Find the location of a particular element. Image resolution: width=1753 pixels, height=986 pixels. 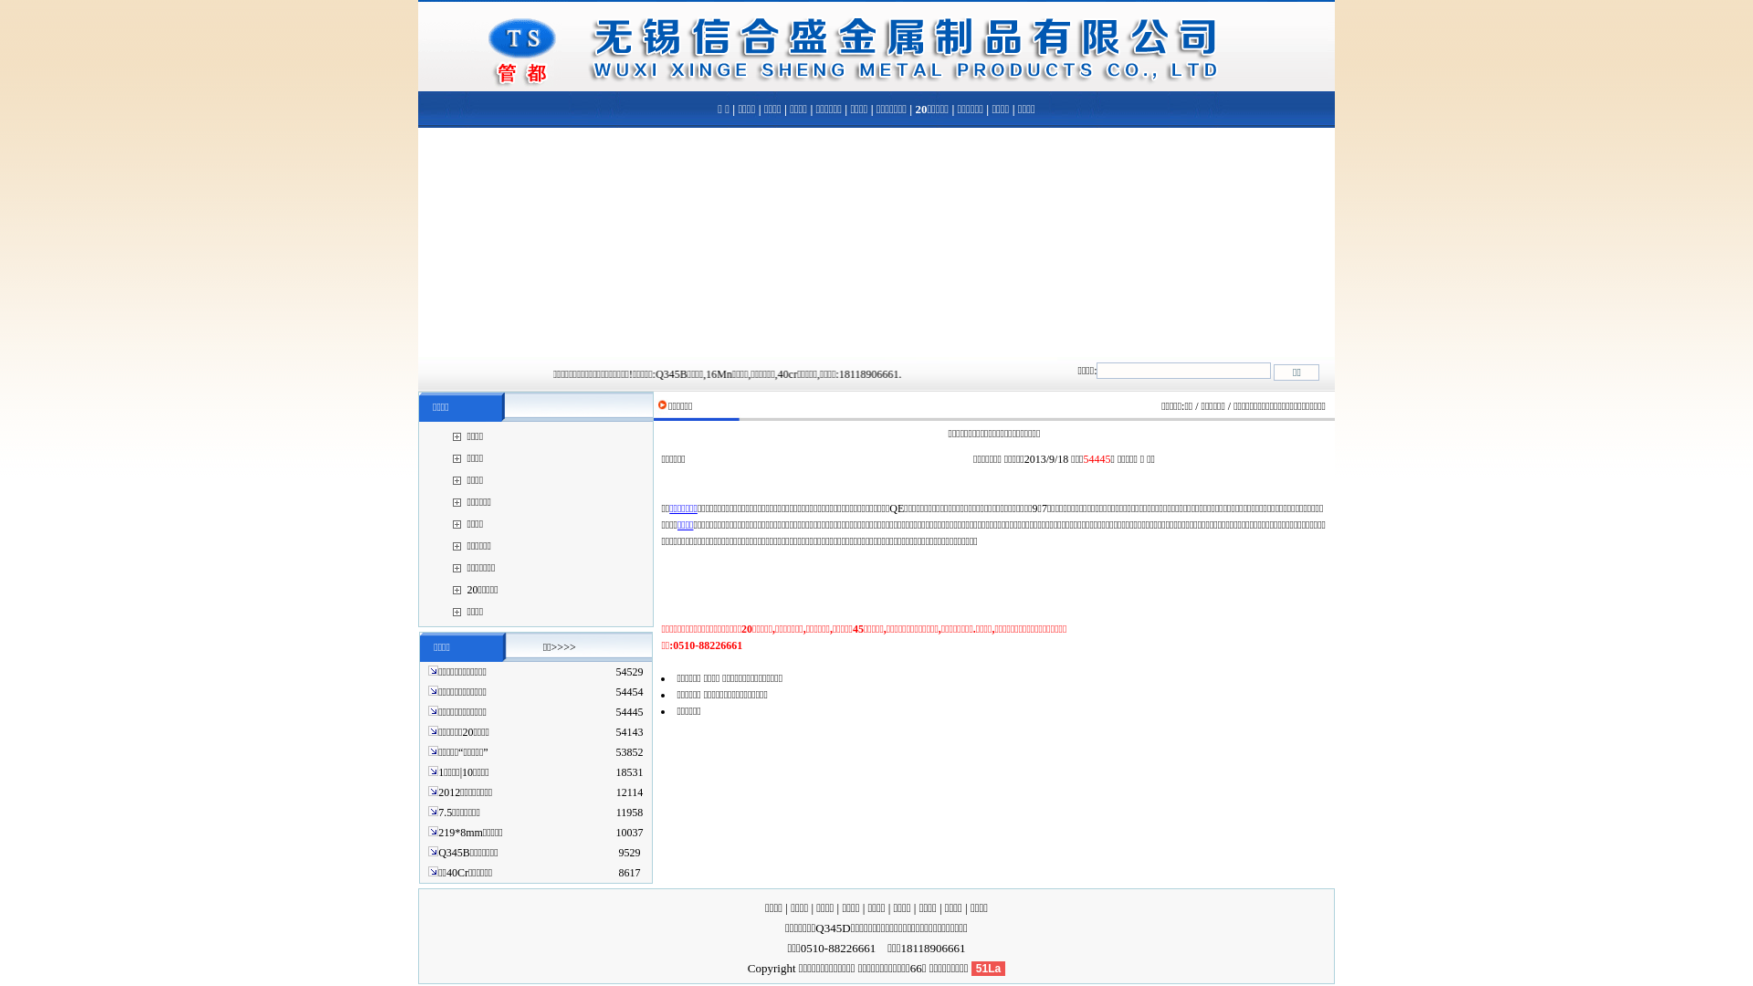

'51La' is located at coordinates (987, 967).